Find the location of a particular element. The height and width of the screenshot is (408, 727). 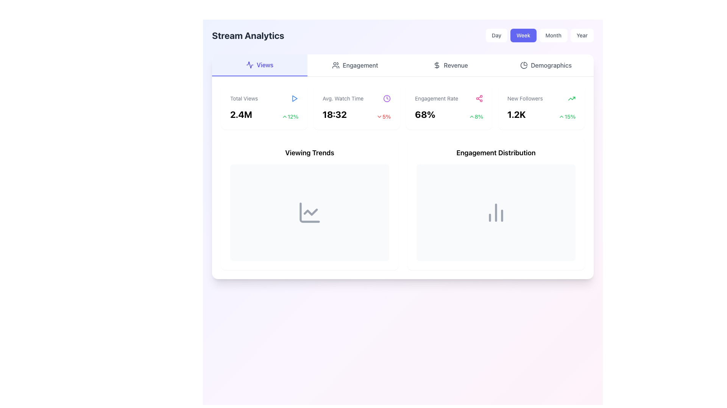

the 'Views' icon located in the top-left section of the analytics dashboard, adjacent to the 'Views' label, serving as a visual indicator for metrics related is located at coordinates (250, 65).